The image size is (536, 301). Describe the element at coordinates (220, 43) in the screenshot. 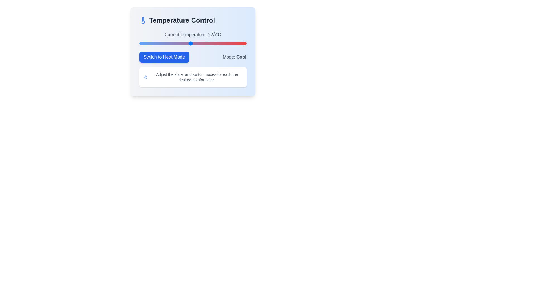

I see `the temperature slider to set the value to 29°C` at that location.